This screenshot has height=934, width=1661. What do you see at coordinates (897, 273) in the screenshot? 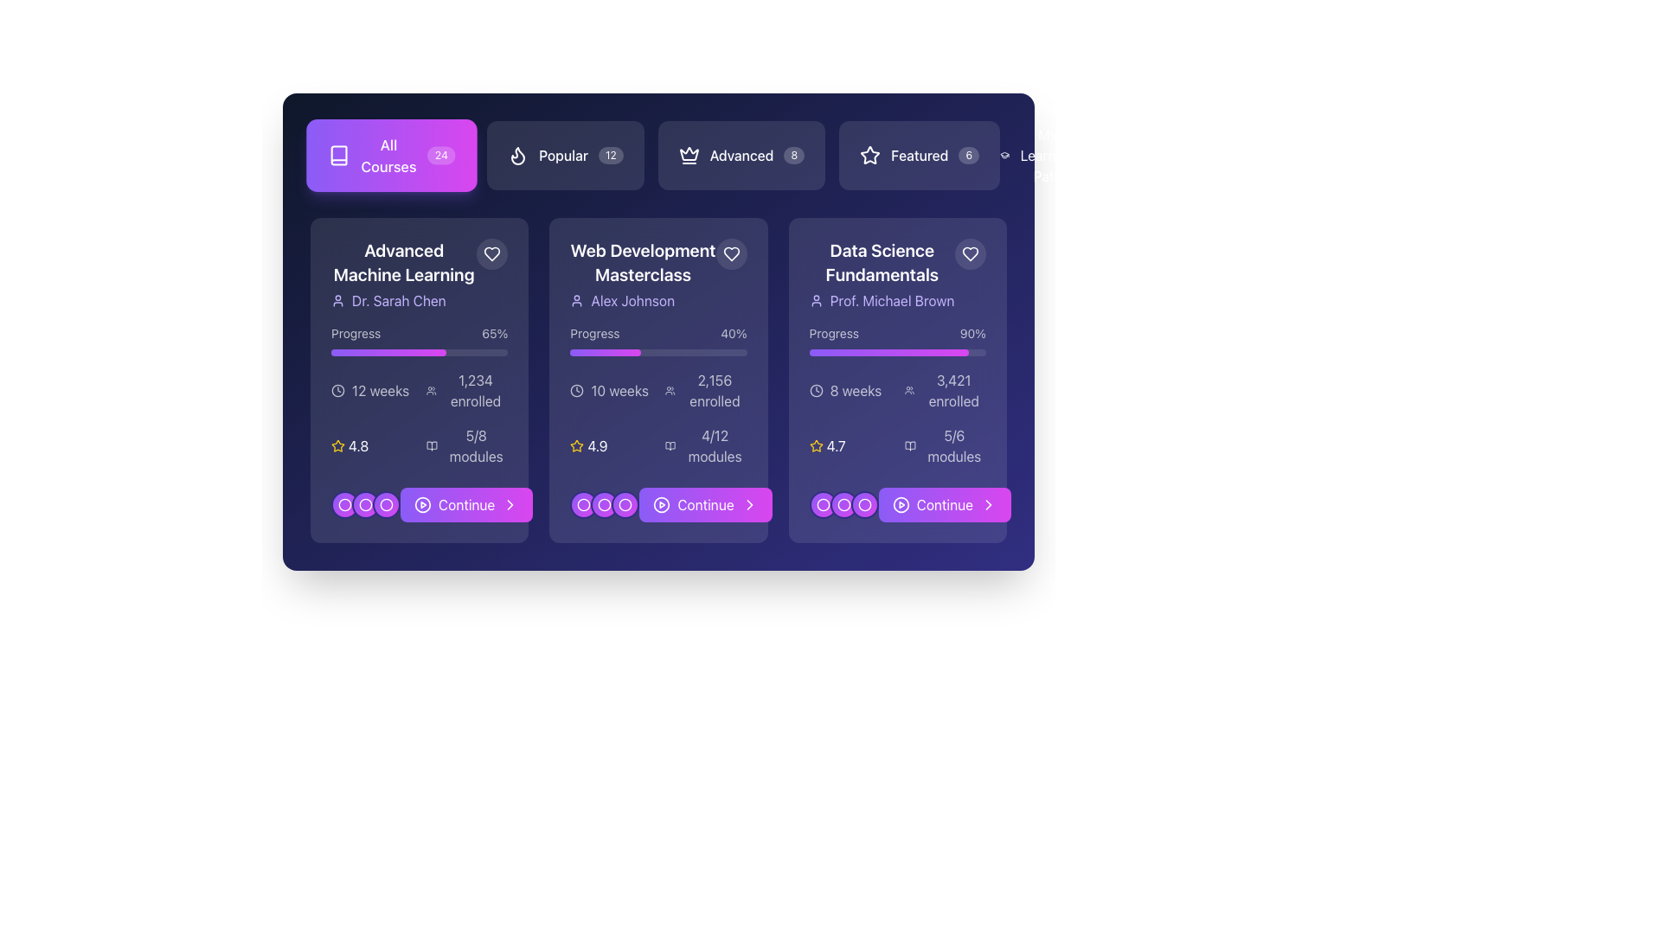
I see `the textual label displaying the course title and instructor name located in the top-left quadrant of the third card section in the grid layout` at bounding box center [897, 273].